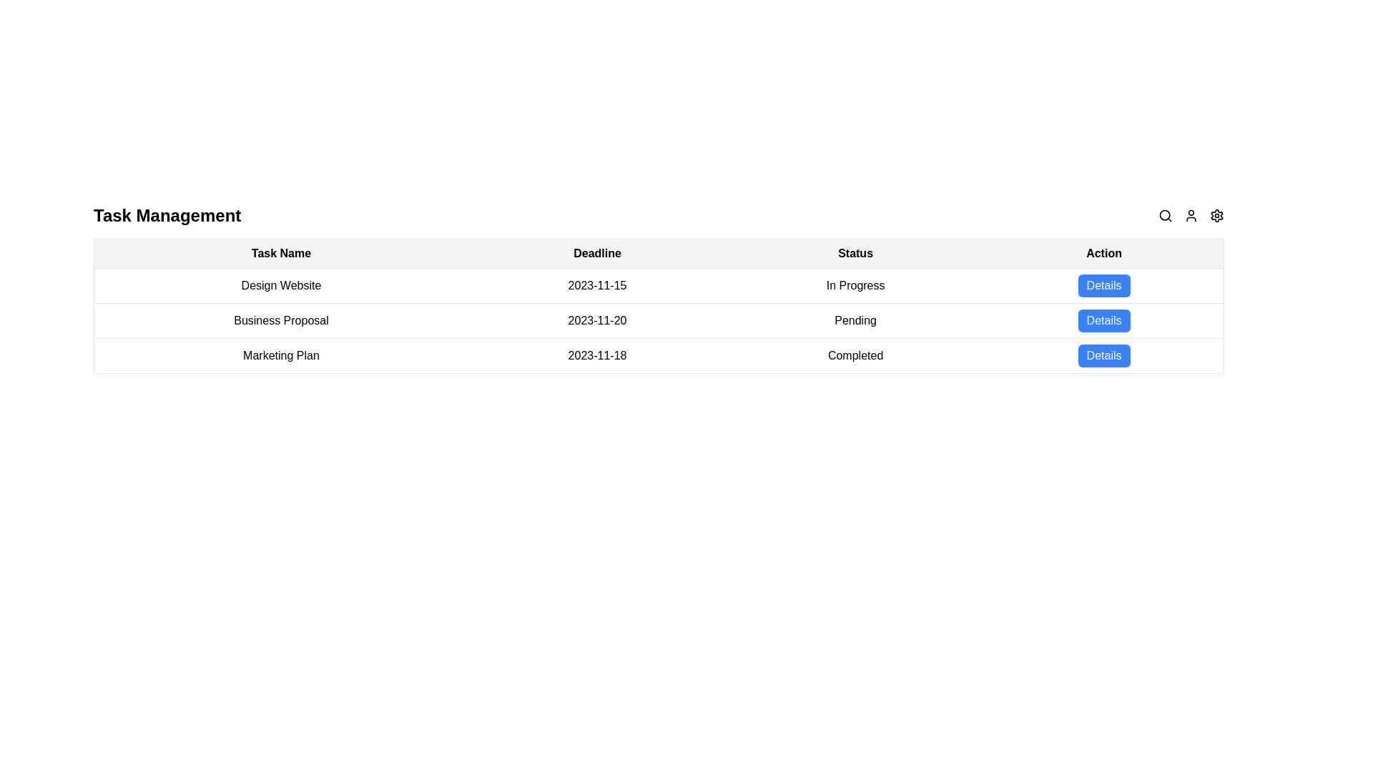 This screenshot has width=1373, height=772. Describe the element at coordinates (597, 355) in the screenshot. I see `the Table Cell Text displaying the deadline '2023-11-18' located in the third row of the table under the 'Deadline' column` at that location.